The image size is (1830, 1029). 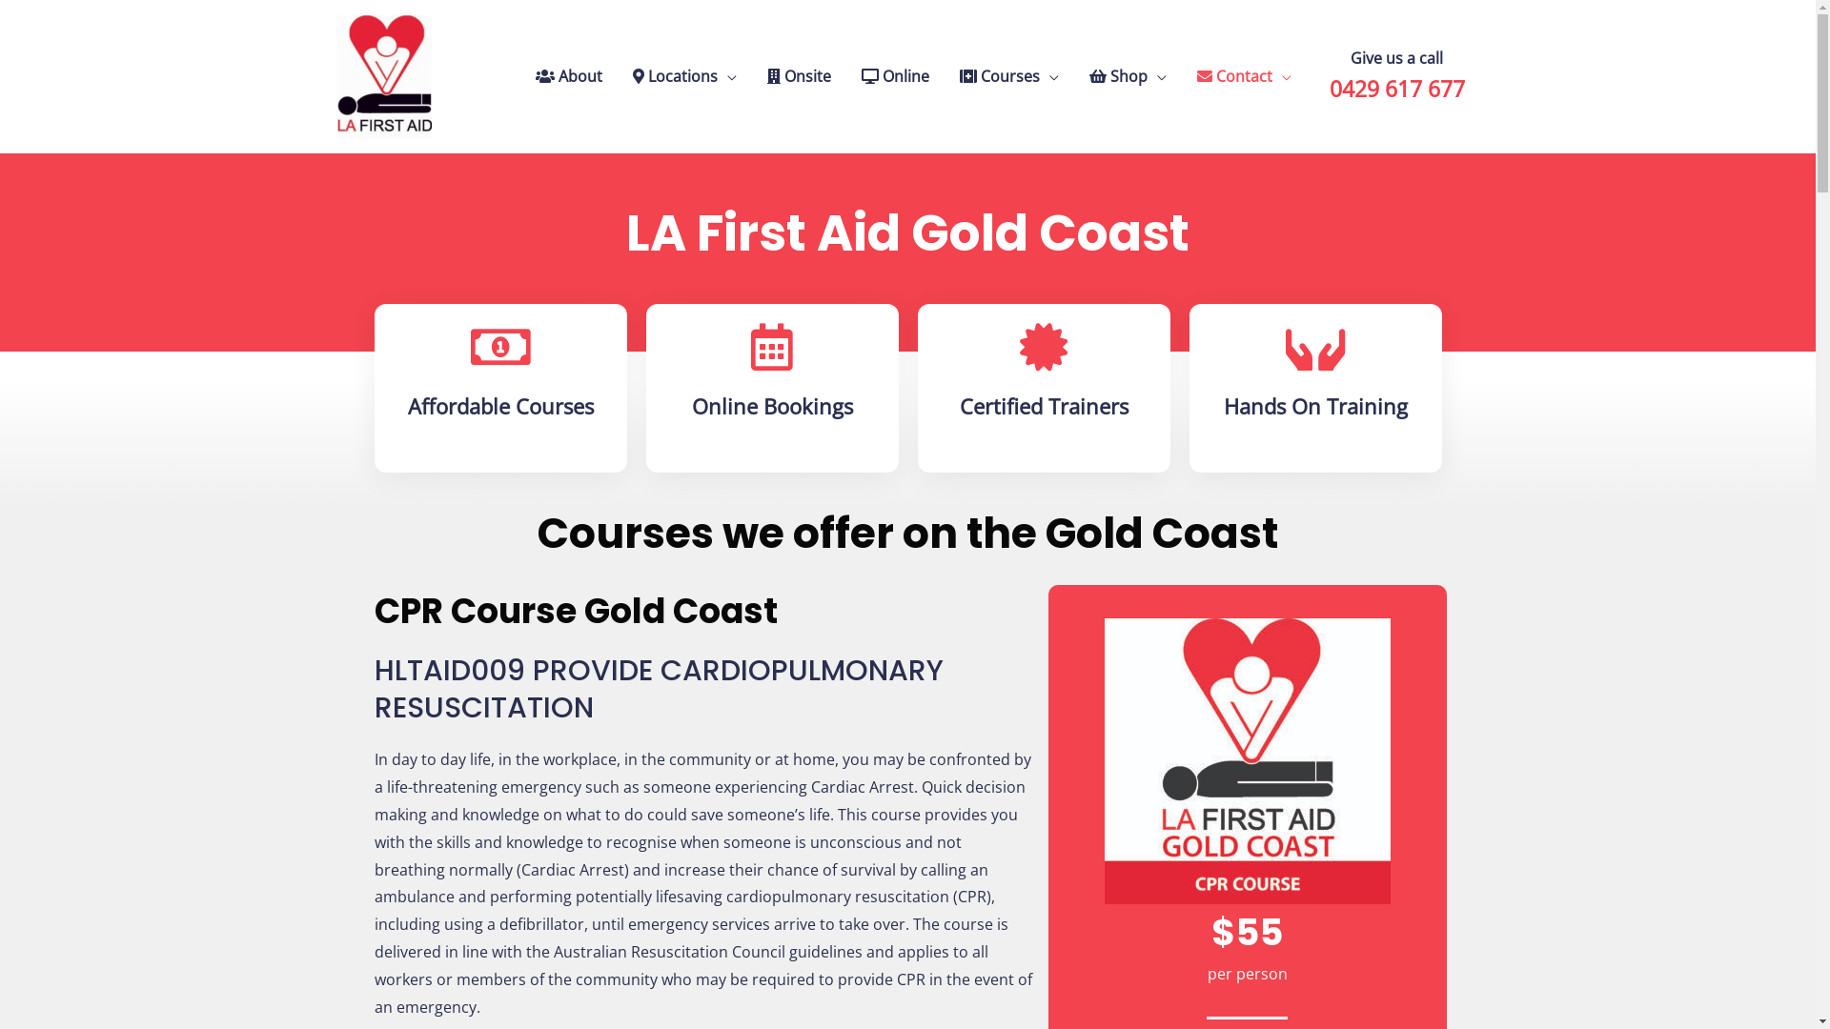 I want to click on 'Locations', so click(x=684, y=75).